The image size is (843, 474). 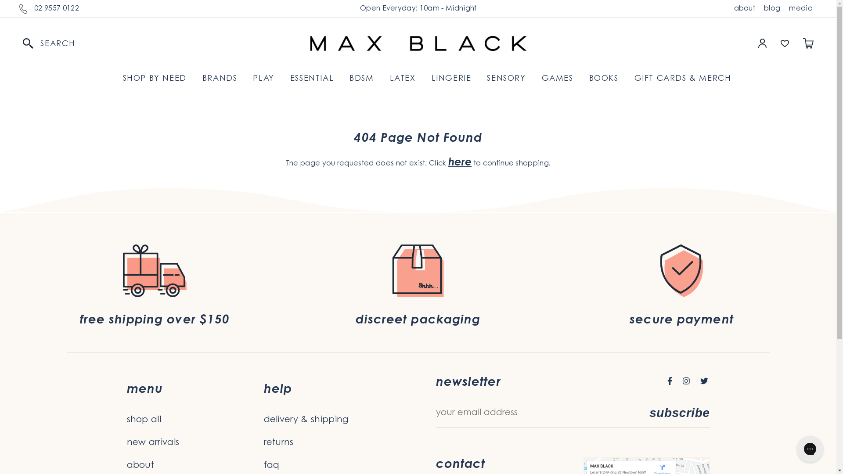 I want to click on 'BDSM', so click(x=361, y=79).